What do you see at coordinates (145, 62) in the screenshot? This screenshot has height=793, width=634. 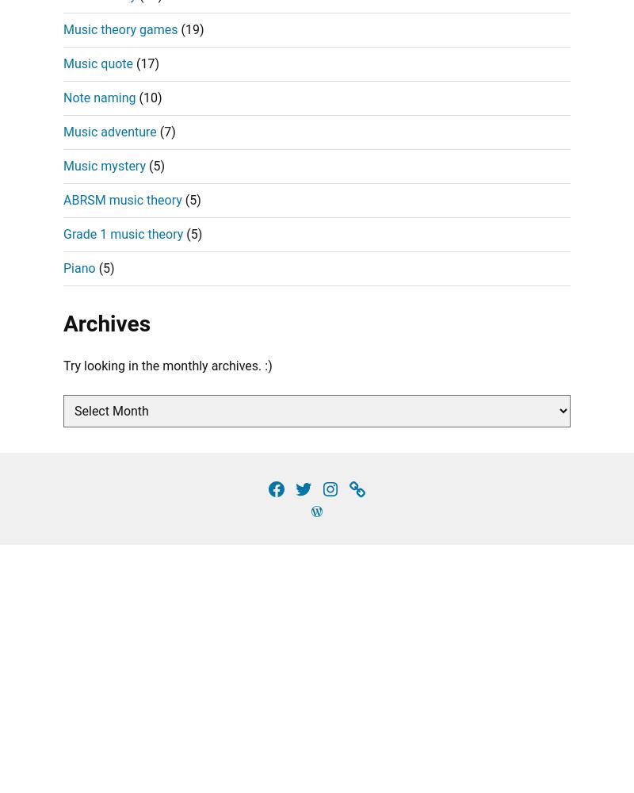 I see `'(17)'` at bounding box center [145, 62].